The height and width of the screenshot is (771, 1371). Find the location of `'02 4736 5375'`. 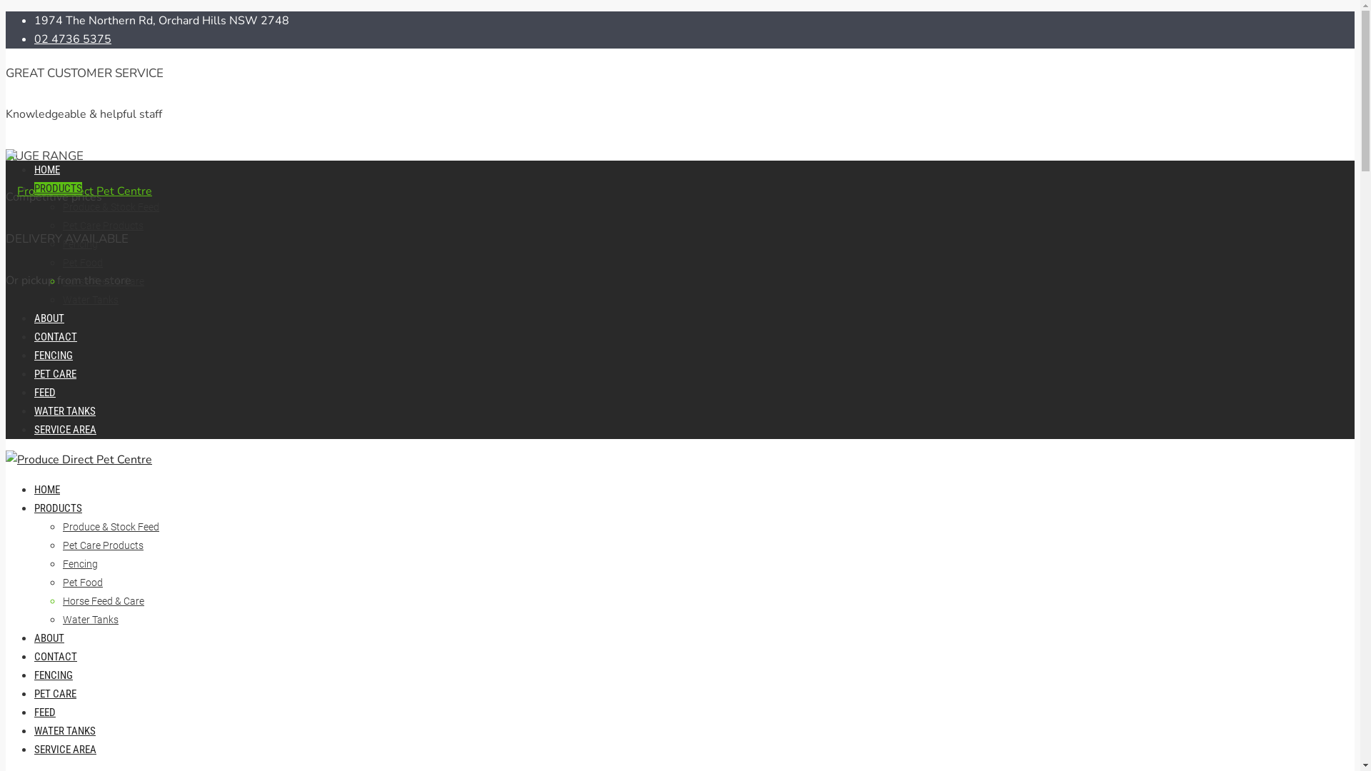

'02 4736 5375' is located at coordinates (71, 38).